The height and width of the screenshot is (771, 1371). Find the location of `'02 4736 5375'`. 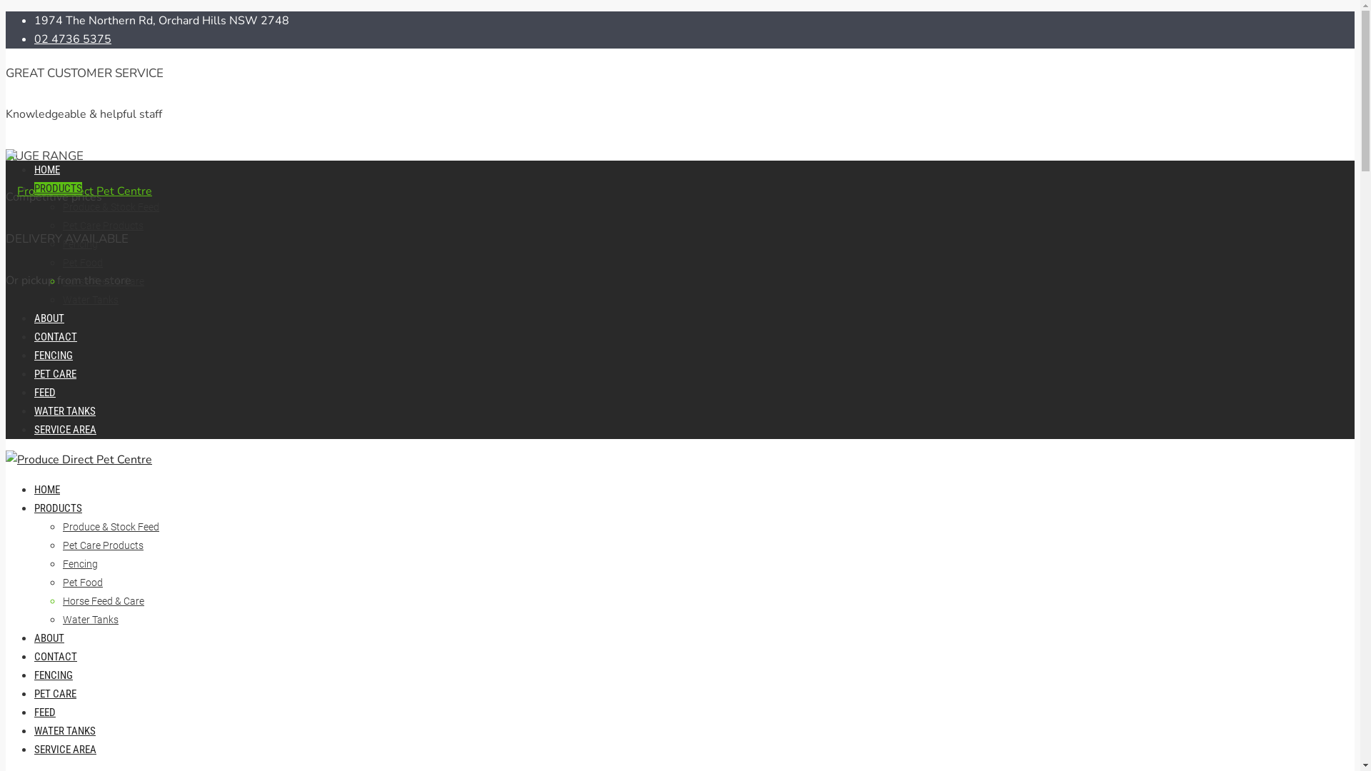

'02 4736 5375' is located at coordinates (71, 38).